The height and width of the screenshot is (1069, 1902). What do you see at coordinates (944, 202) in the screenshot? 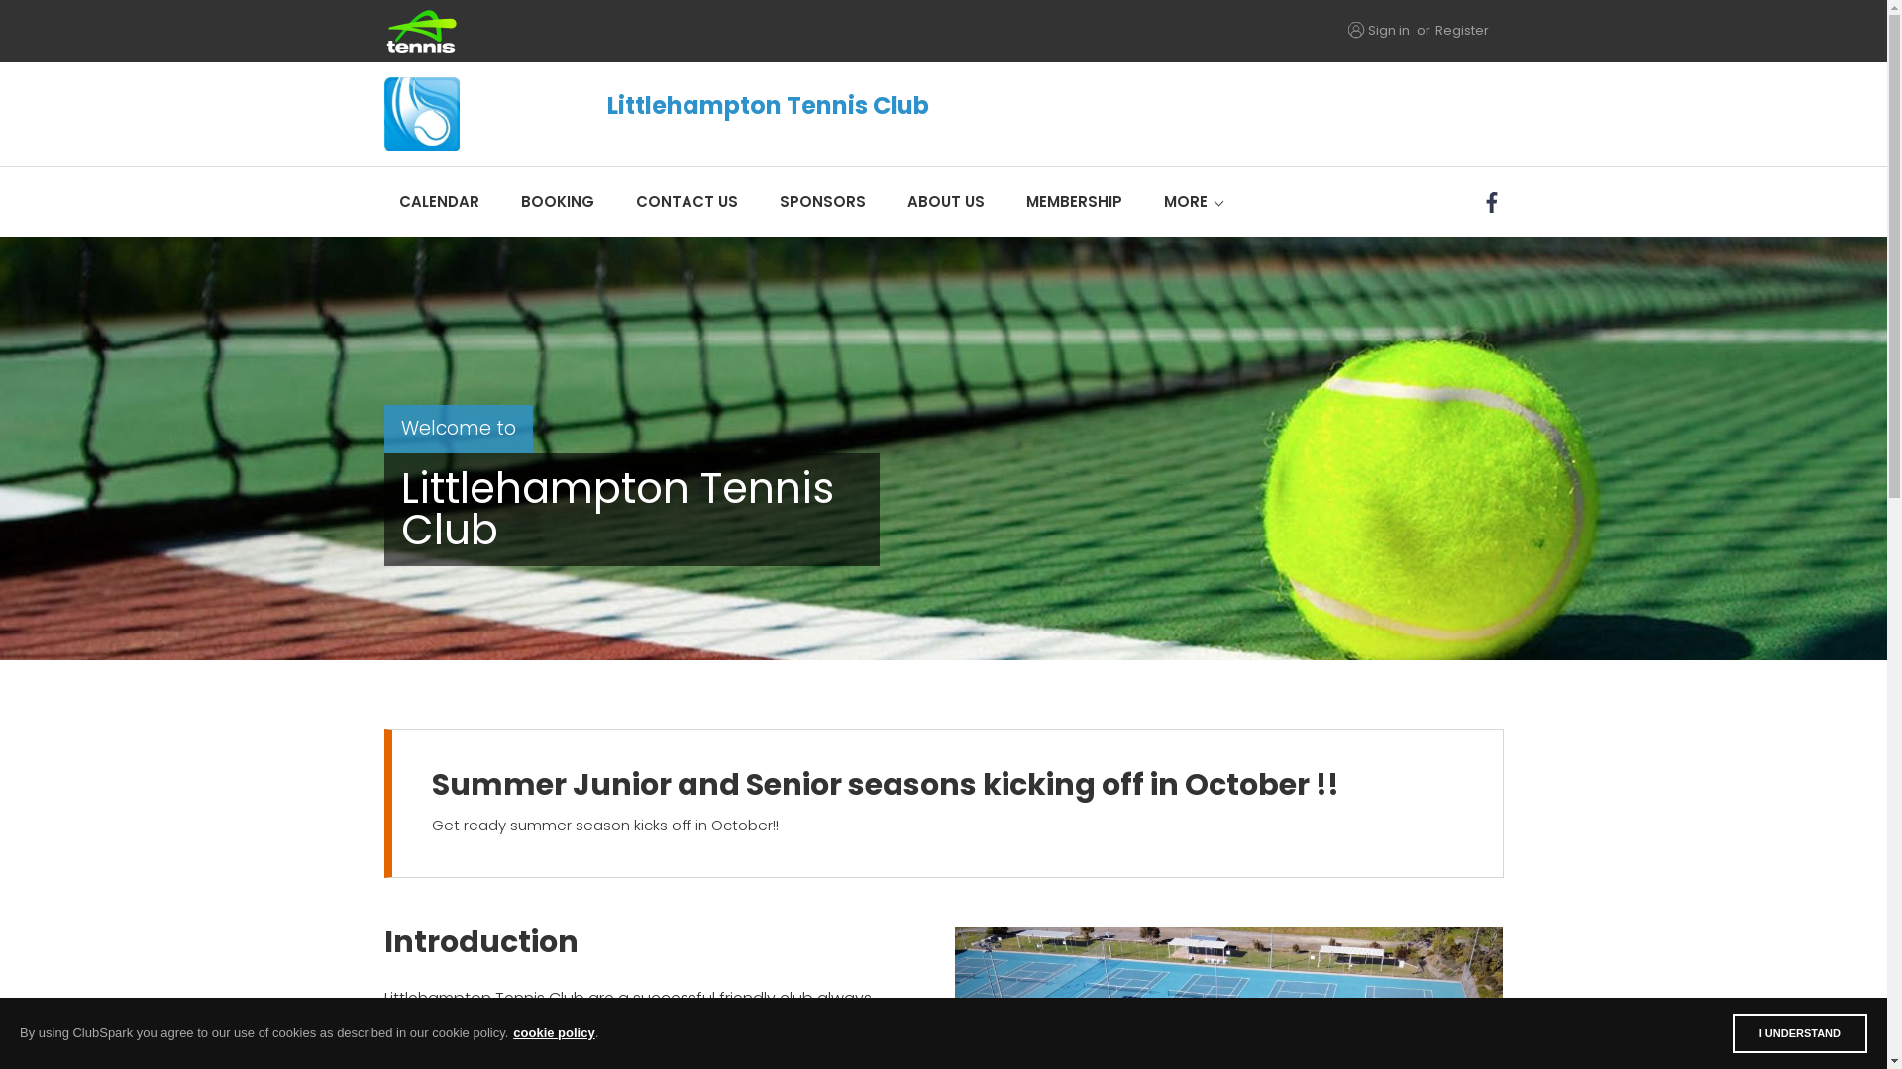
I see `'ABOUT US'` at bounding box center [944, 202].